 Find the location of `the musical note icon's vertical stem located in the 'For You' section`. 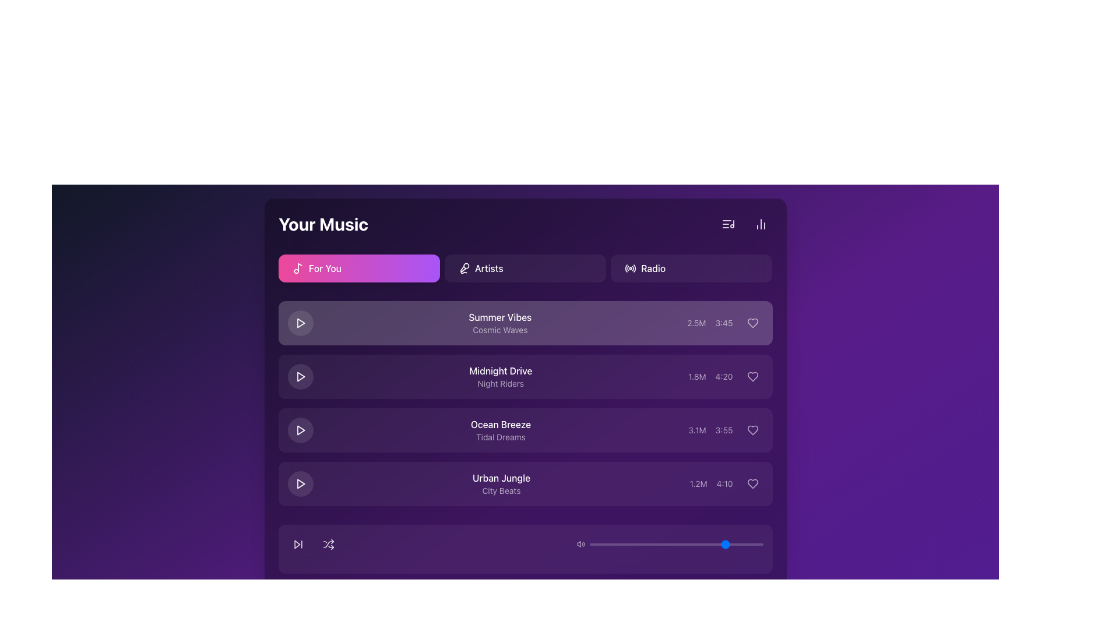

the musical note icon's vertical stem located in the 'For You' section is located at coordinates (300, 267).